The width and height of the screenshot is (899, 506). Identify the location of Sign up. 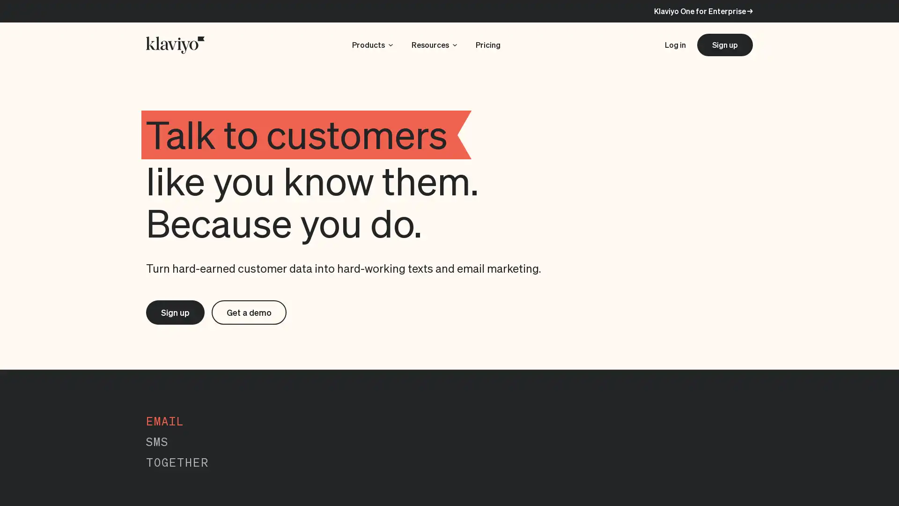
(177, 313).